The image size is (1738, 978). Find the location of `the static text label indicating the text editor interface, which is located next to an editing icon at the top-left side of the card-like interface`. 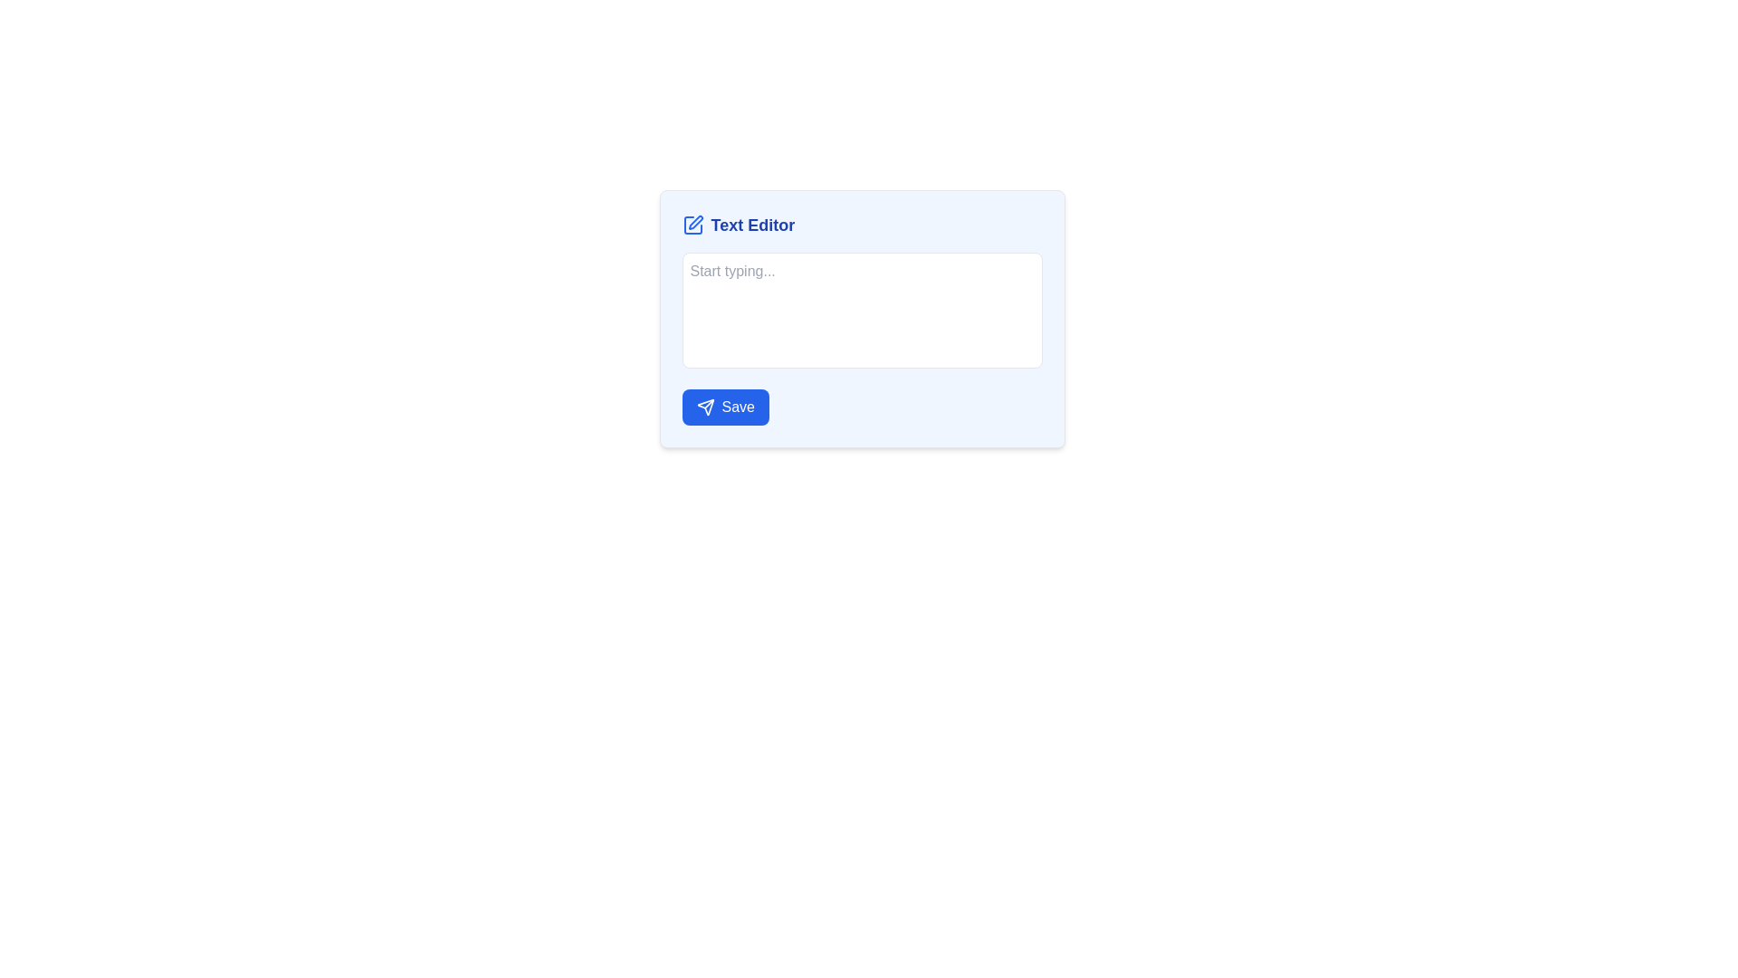

the static text label indicating the text editor interface, which is located next to an editing icon at the top-left side of the card-like interface is located at coordinates (752, 225).